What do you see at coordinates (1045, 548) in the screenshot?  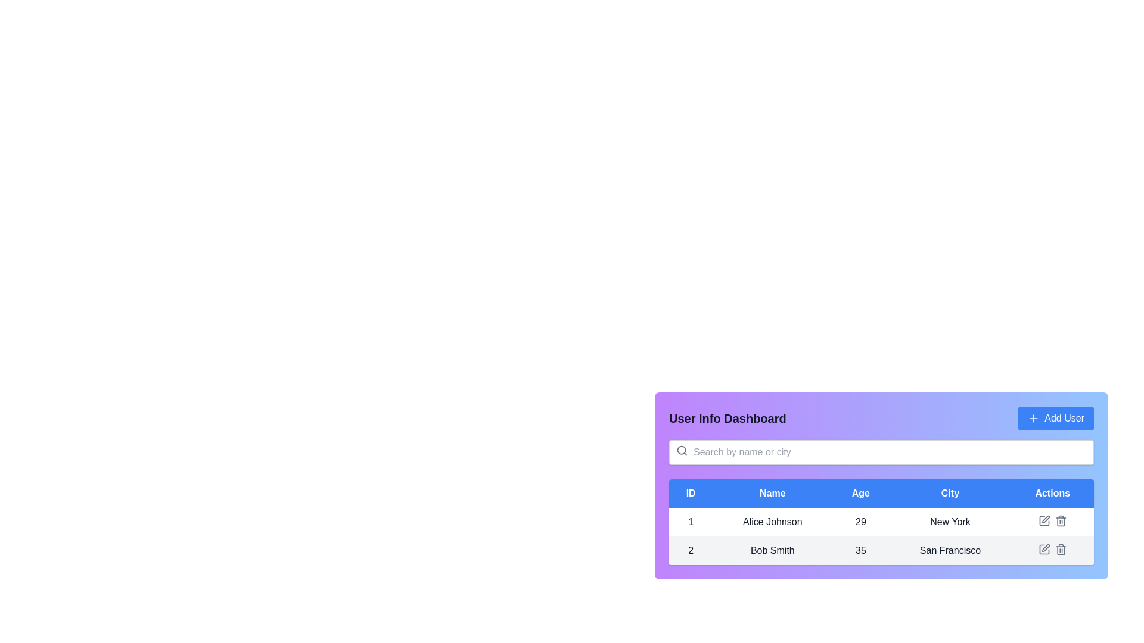 I see `the edit icon button, represented by a pen next to a square, located in the 'Actions' column of the second row for user 'Bob Smith'` at bounding box center [1045, 548].